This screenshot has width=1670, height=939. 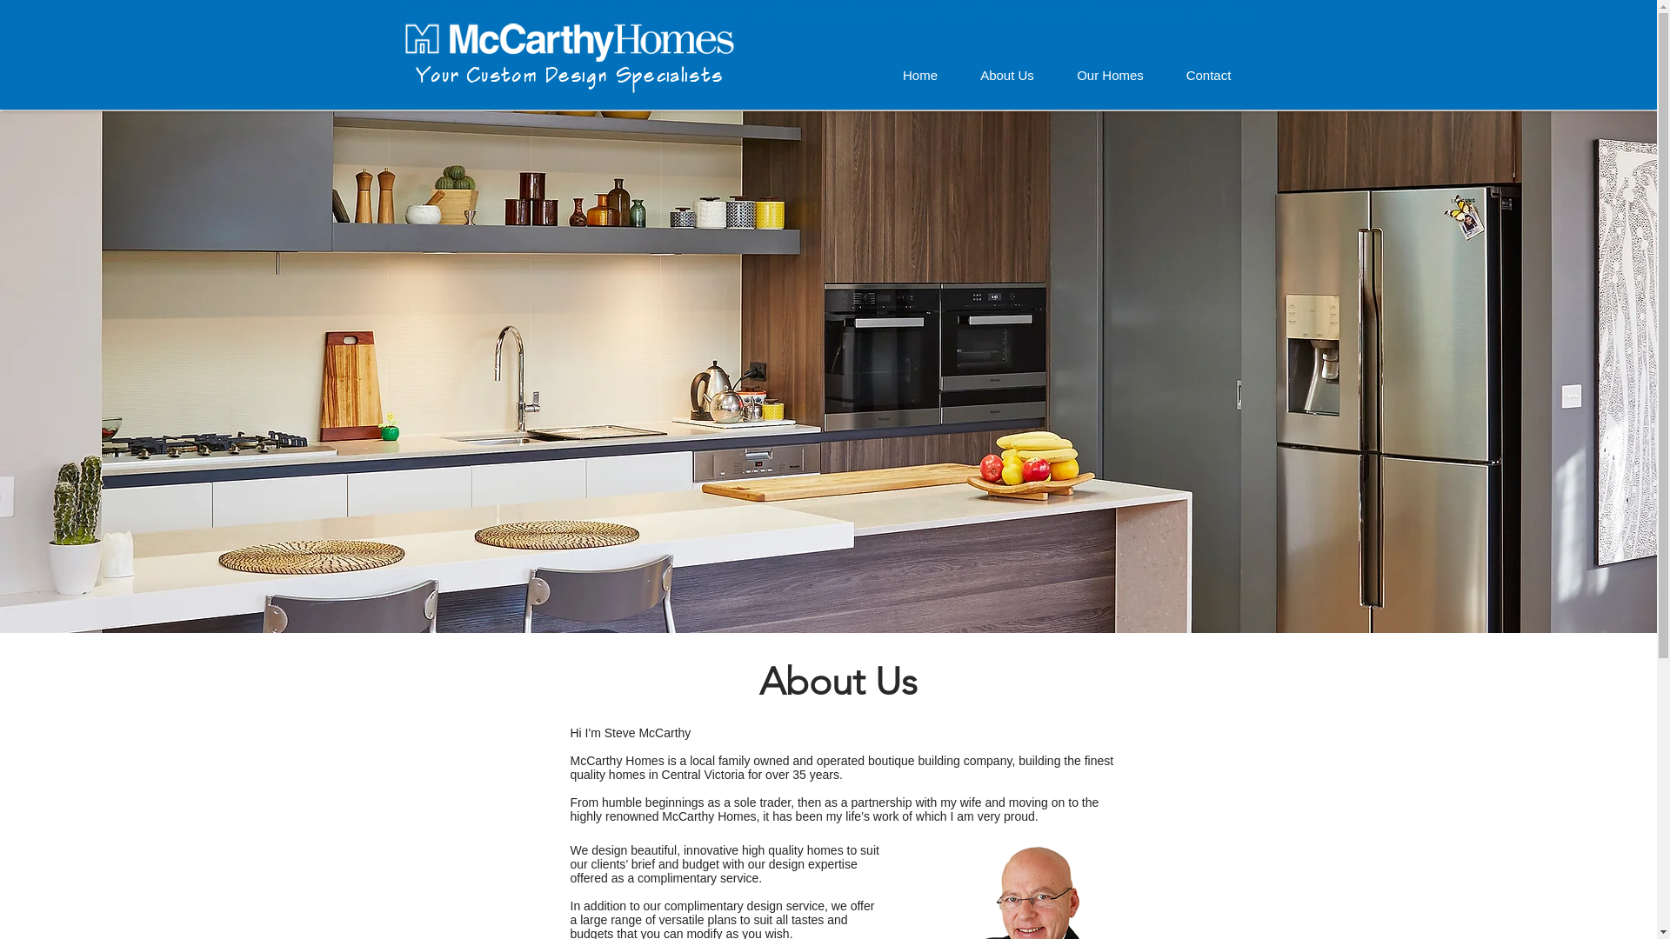 I want to click on 'Contact', so click(x=1208, y=75).